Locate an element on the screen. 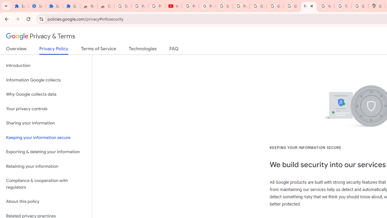 This screenshot has width=387, height=218. 'Reviews: Helix Fruit Jump Arcade Game' is located at coordinates (88, 6).